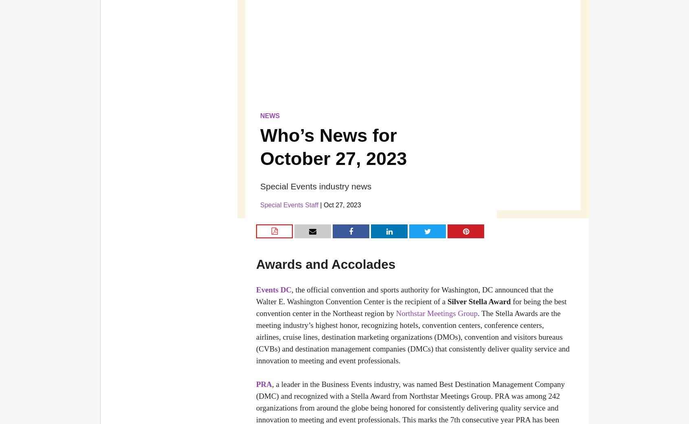 The image size is (689, 424). I want to click on ', a leader in the Business Events industry, was named Best Destination Management Company (DMC) and recognized with a Stella Award from Northstar Meetings Group. PRA was among 242 organizations from around the globe being honored for consistently delivering quality service and innovation to meeting and event professionals. This marks the 7th consecutive year PRA has', so click(410, 402).